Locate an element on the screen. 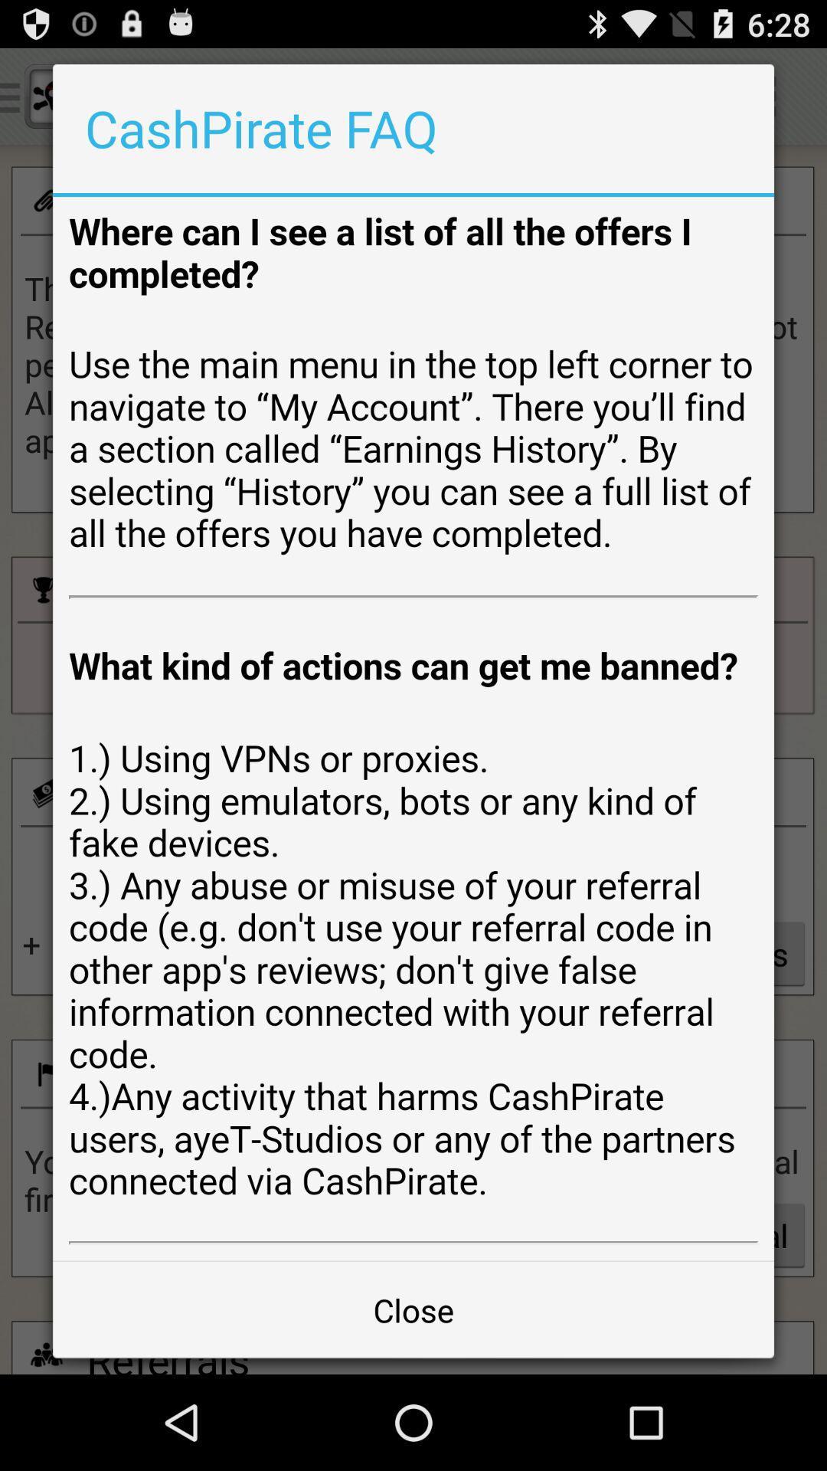 Image resolution: width=827 pixels, height=1471 pixels. cashpirate faq is located at coordinates (413, 728).